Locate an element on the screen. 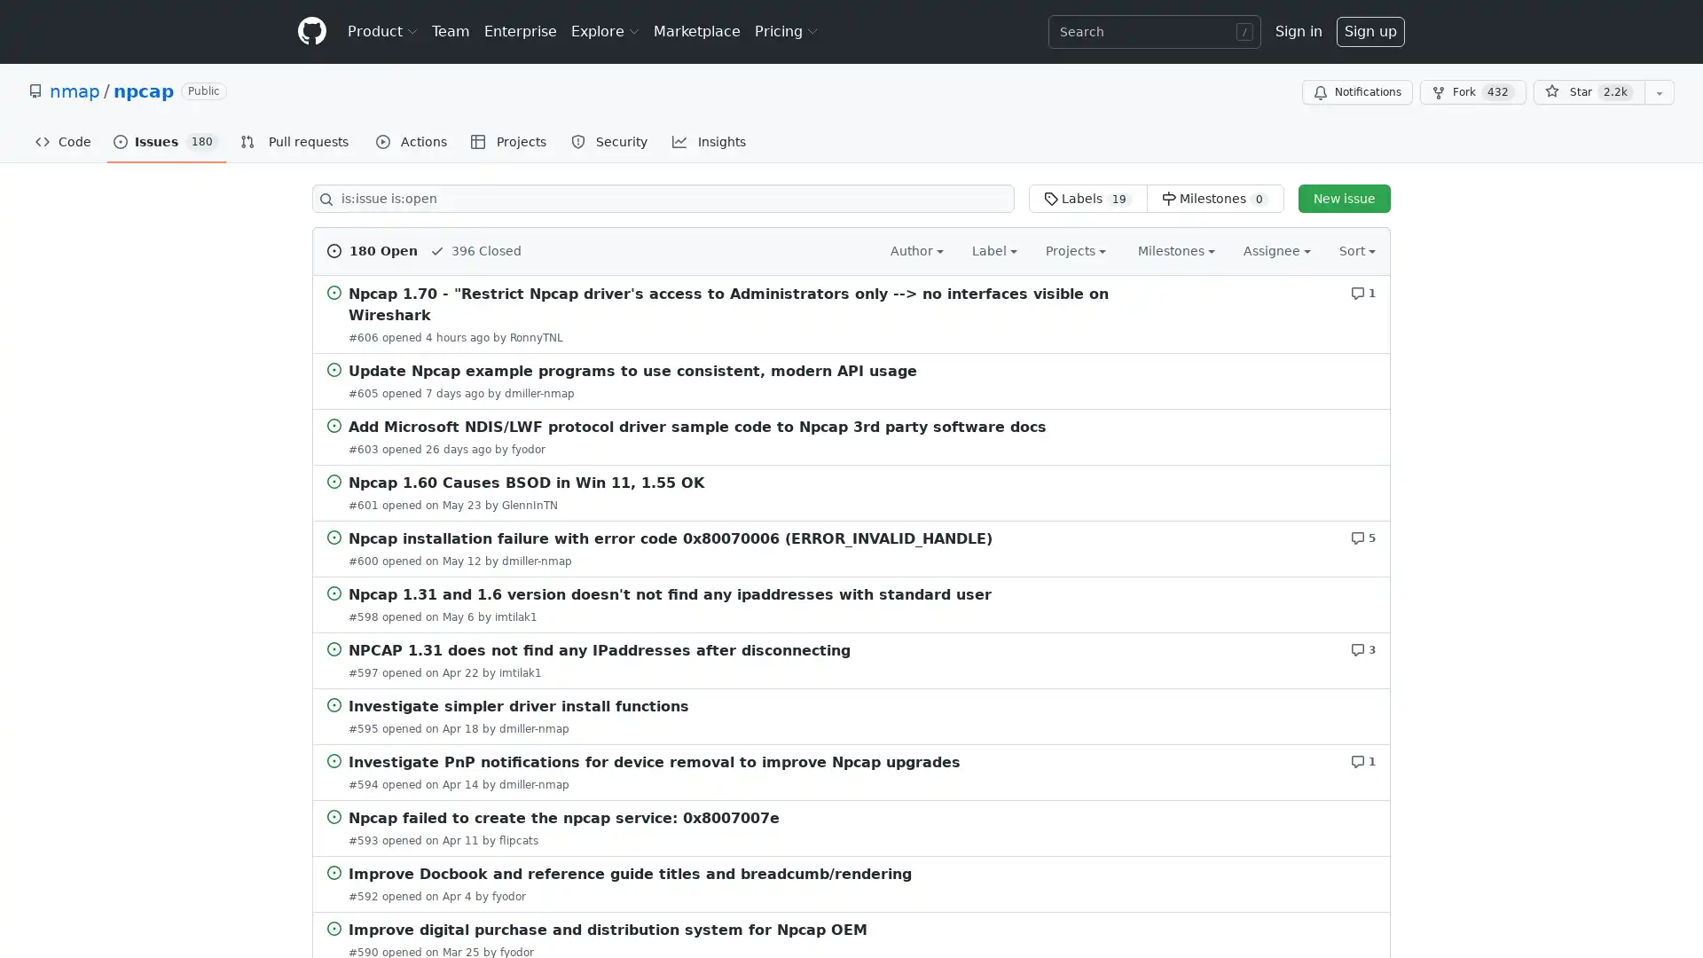 The width and height of the screenshot is (1703, 958). You must be signed in to add this repository to a list is located at coordinates (1659, 92).